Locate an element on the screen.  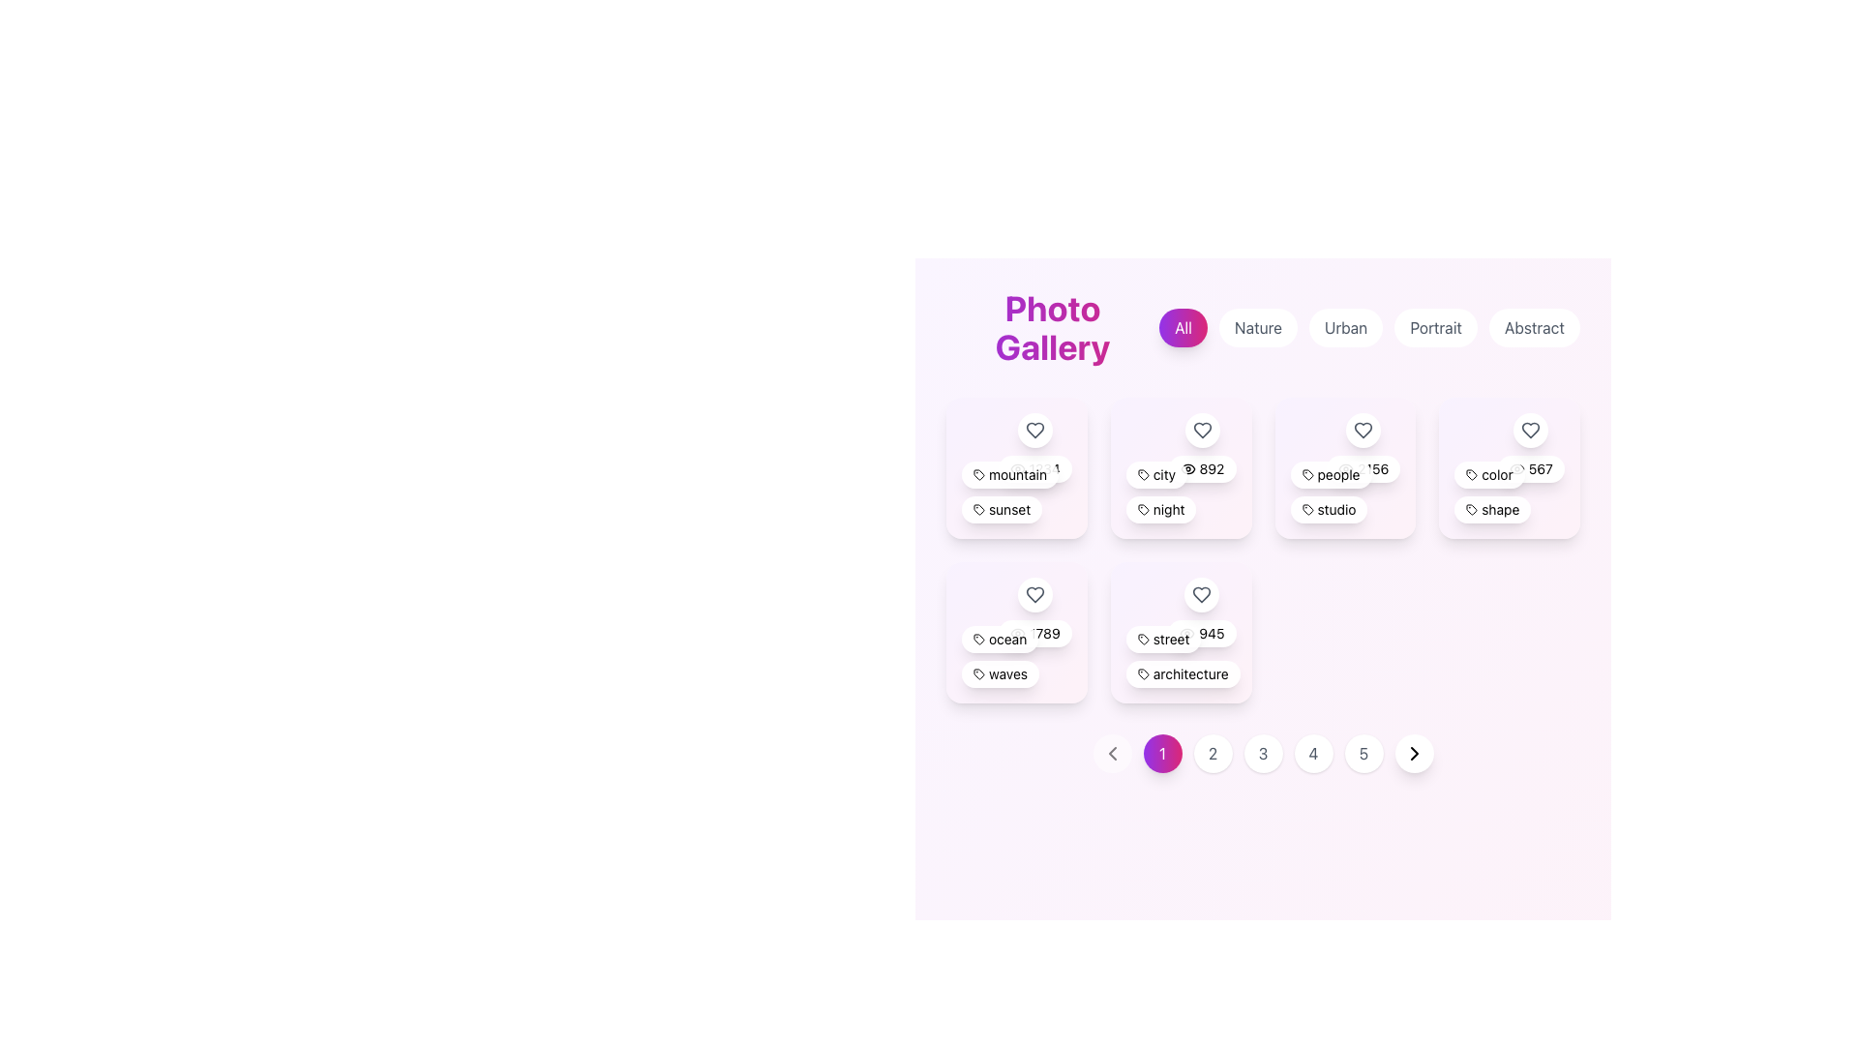
the circular button displaying the number '3' with a white background and gray text is located at coordinates (1263, 752).